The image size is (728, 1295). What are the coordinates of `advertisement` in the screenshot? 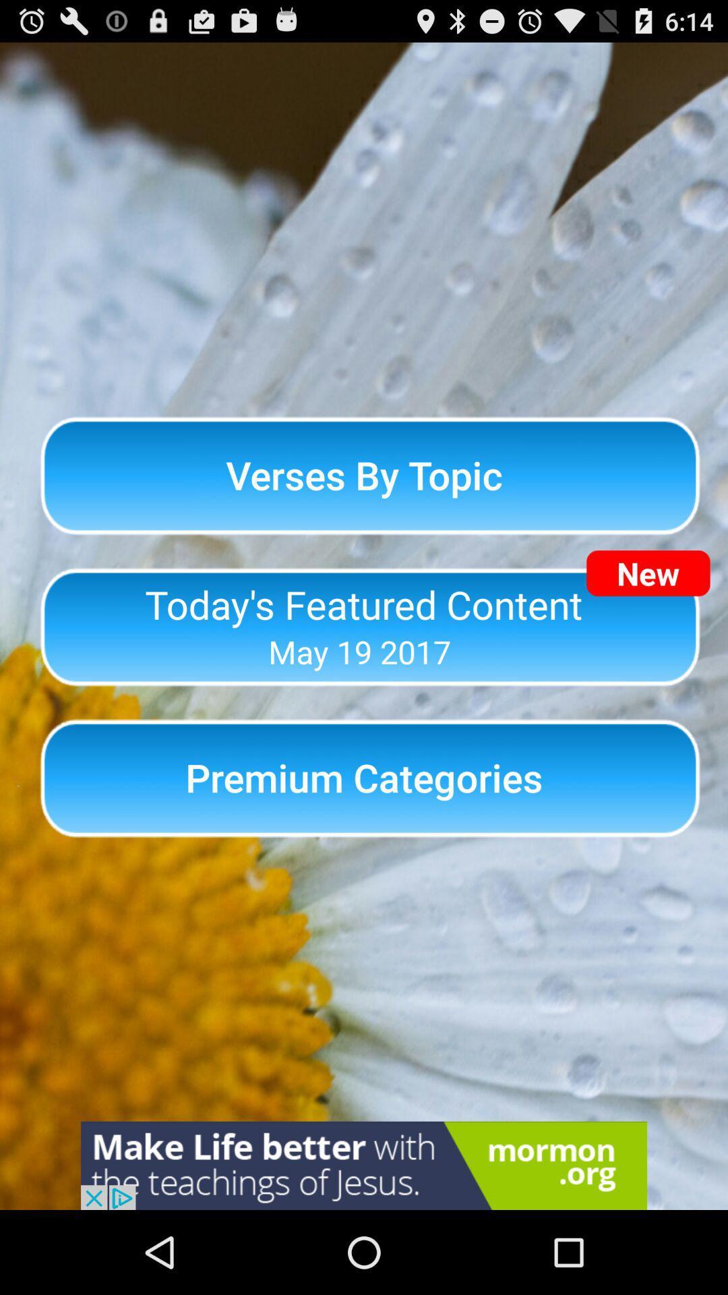 It's located at (364, 1165).